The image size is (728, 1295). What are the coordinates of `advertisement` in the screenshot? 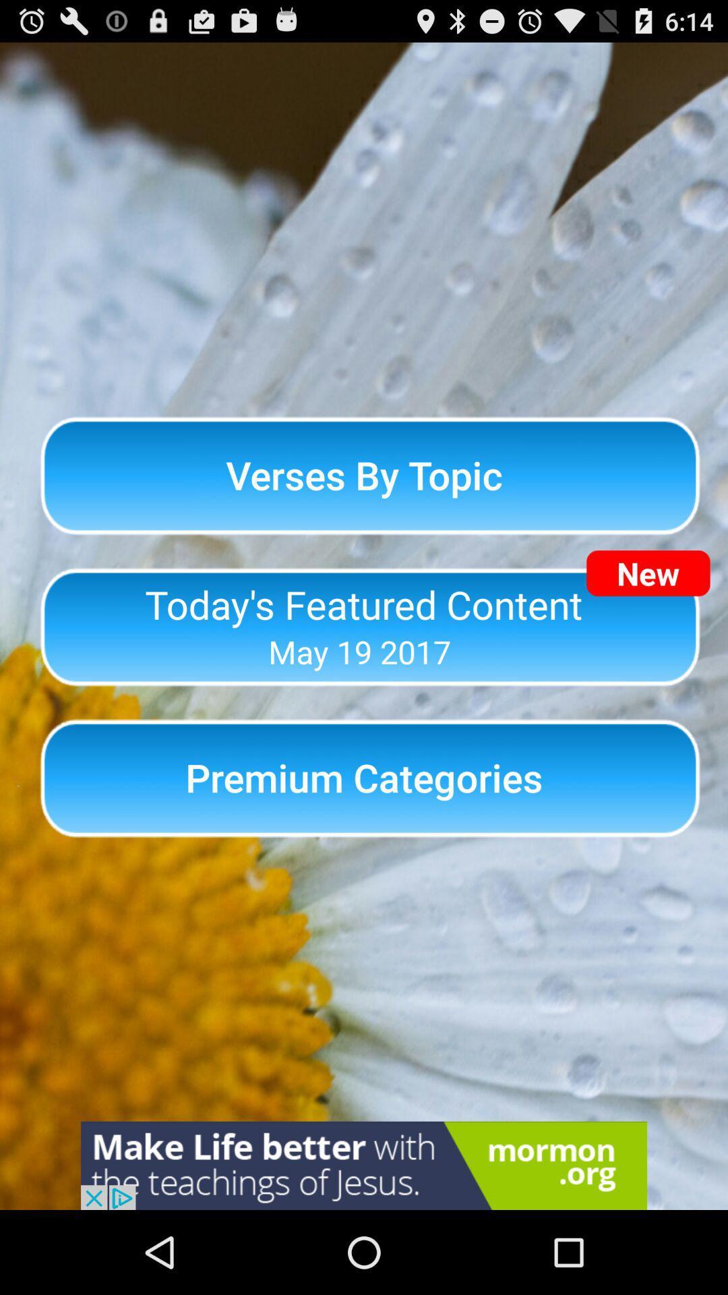 It's located at (364, 1165).